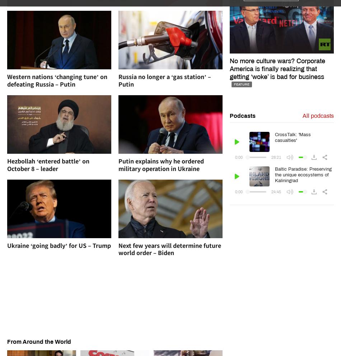 The image size is (341, 356). I want to click on 'All podcasts', so click(317, 115).